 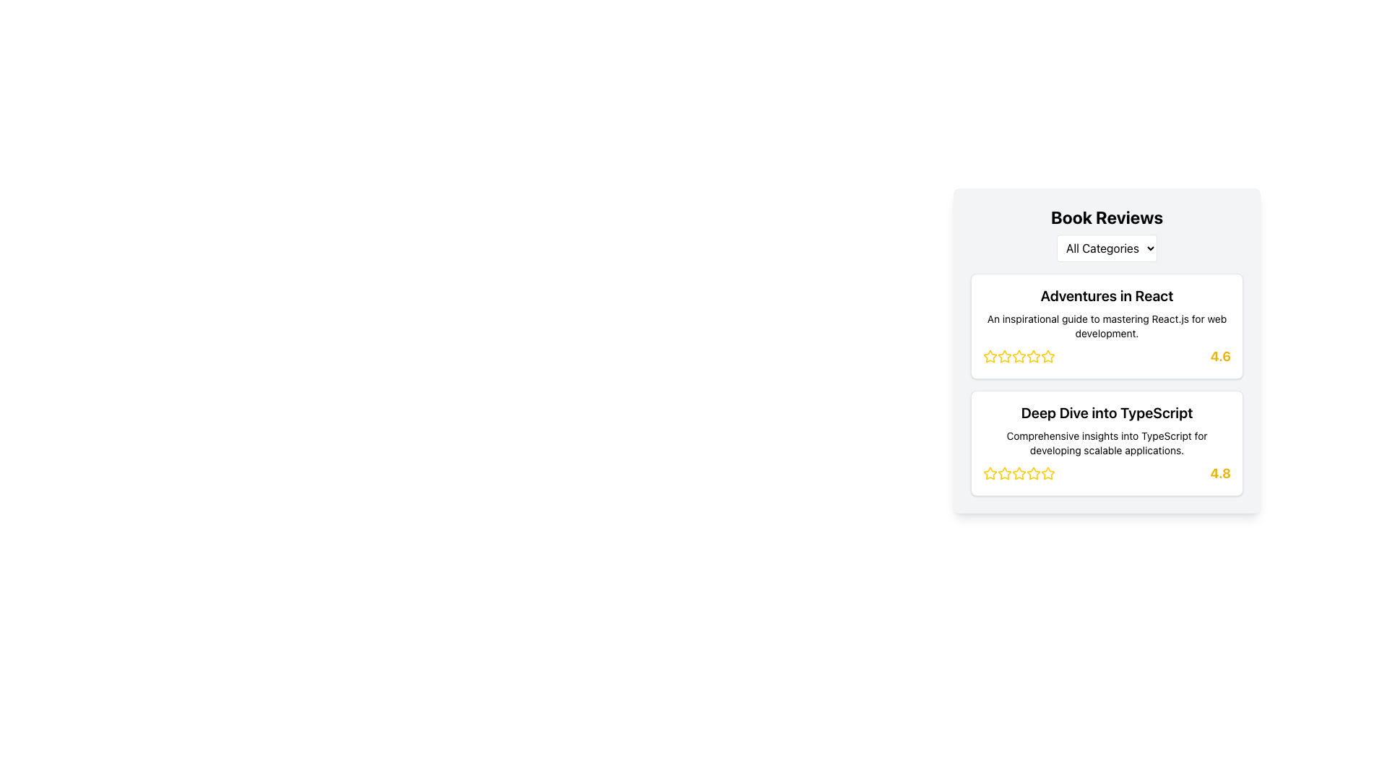 I want to click on the second card in the 'Book Reviews' section that contains details about the book titled 'Deep Dive into TypeScript', so click(x=1106, y=442).